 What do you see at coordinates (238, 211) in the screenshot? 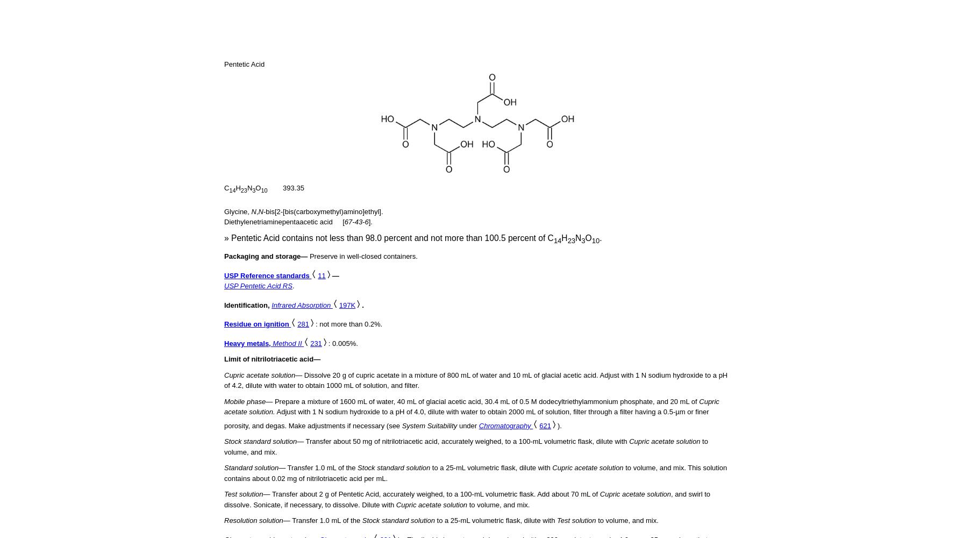
I see `'Glycine,'` at bounding box center [238, 211].